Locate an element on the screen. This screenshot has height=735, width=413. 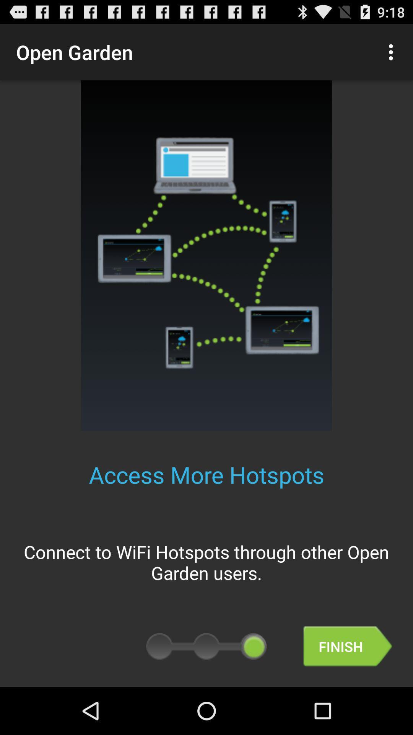
icon below the connect to wifi app is located at coordinates (348, 646).